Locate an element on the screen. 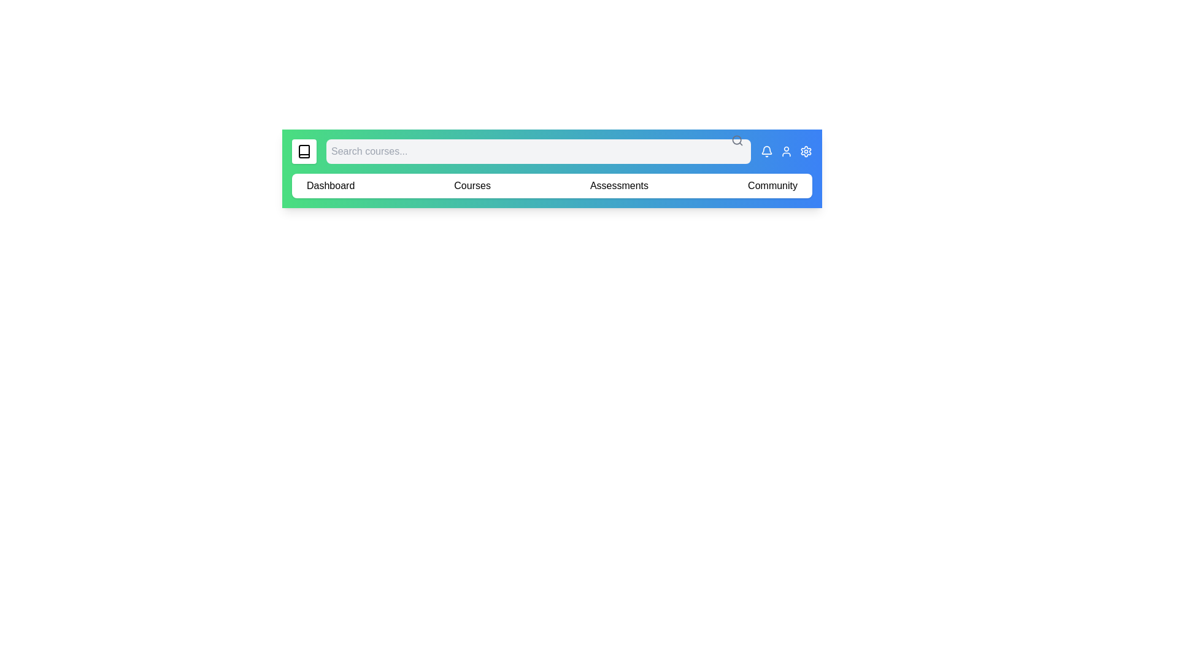  the element labeled 'User Icon' to reveal its hover effect is located at coordinates (786, 150).